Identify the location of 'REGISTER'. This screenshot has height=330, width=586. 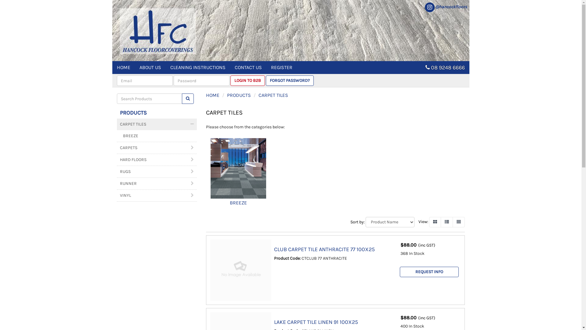
(281, 67).